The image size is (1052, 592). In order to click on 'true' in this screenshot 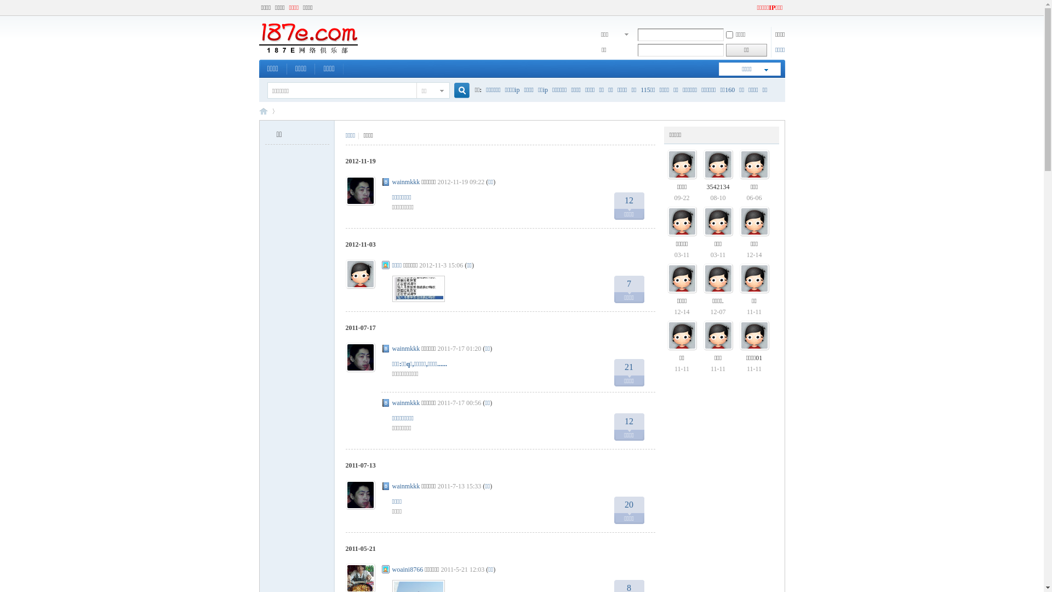, I will do `click(457, 90)`.